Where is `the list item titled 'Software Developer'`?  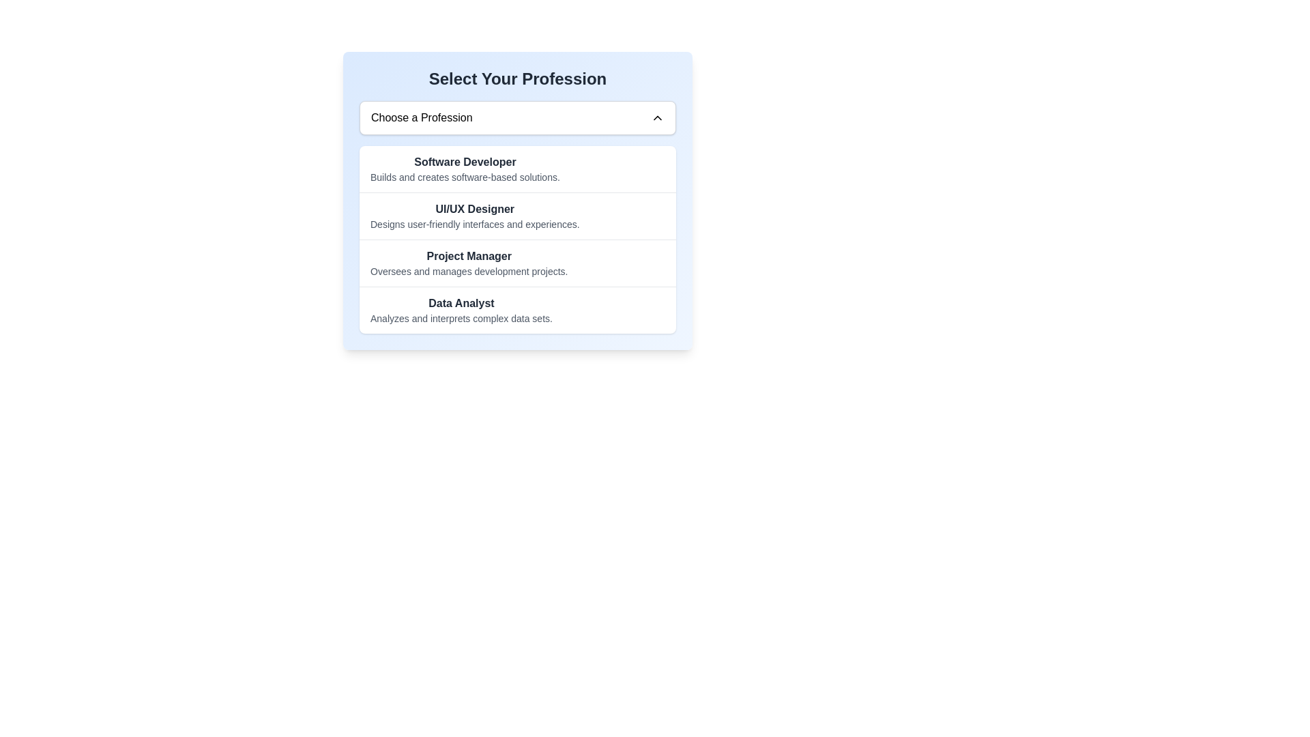
the list item titled 'Software Developer' is located at coordinates (516, 168).